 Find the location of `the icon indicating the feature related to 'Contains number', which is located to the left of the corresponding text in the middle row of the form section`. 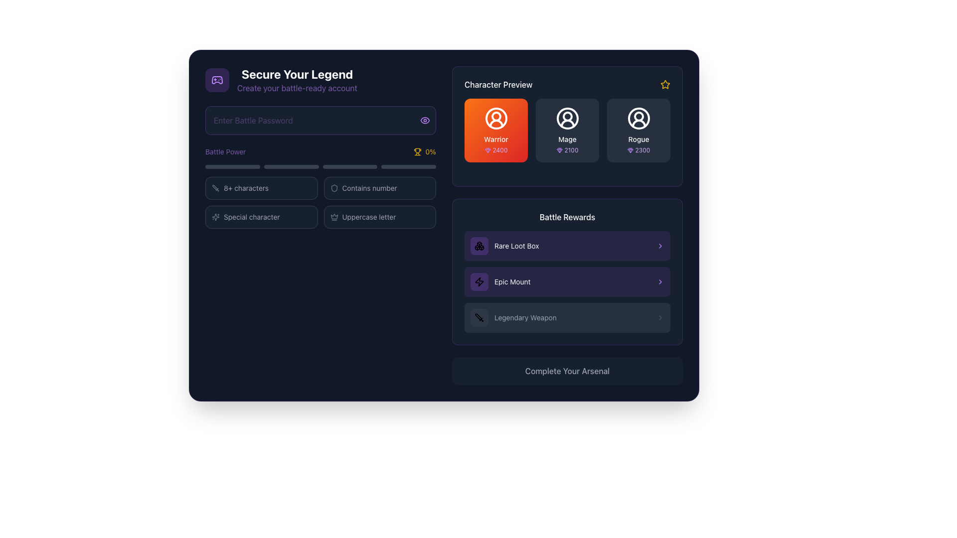

the icon indicating the feature related to 'Contains number', which is located to the left of the corresponding text in the middle row of the form section is located at coordinates (334, 188).